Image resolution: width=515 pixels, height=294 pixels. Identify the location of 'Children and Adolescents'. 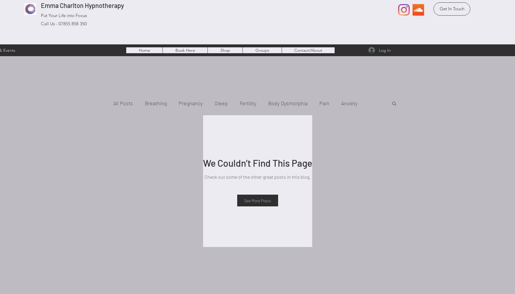
(154, 127).